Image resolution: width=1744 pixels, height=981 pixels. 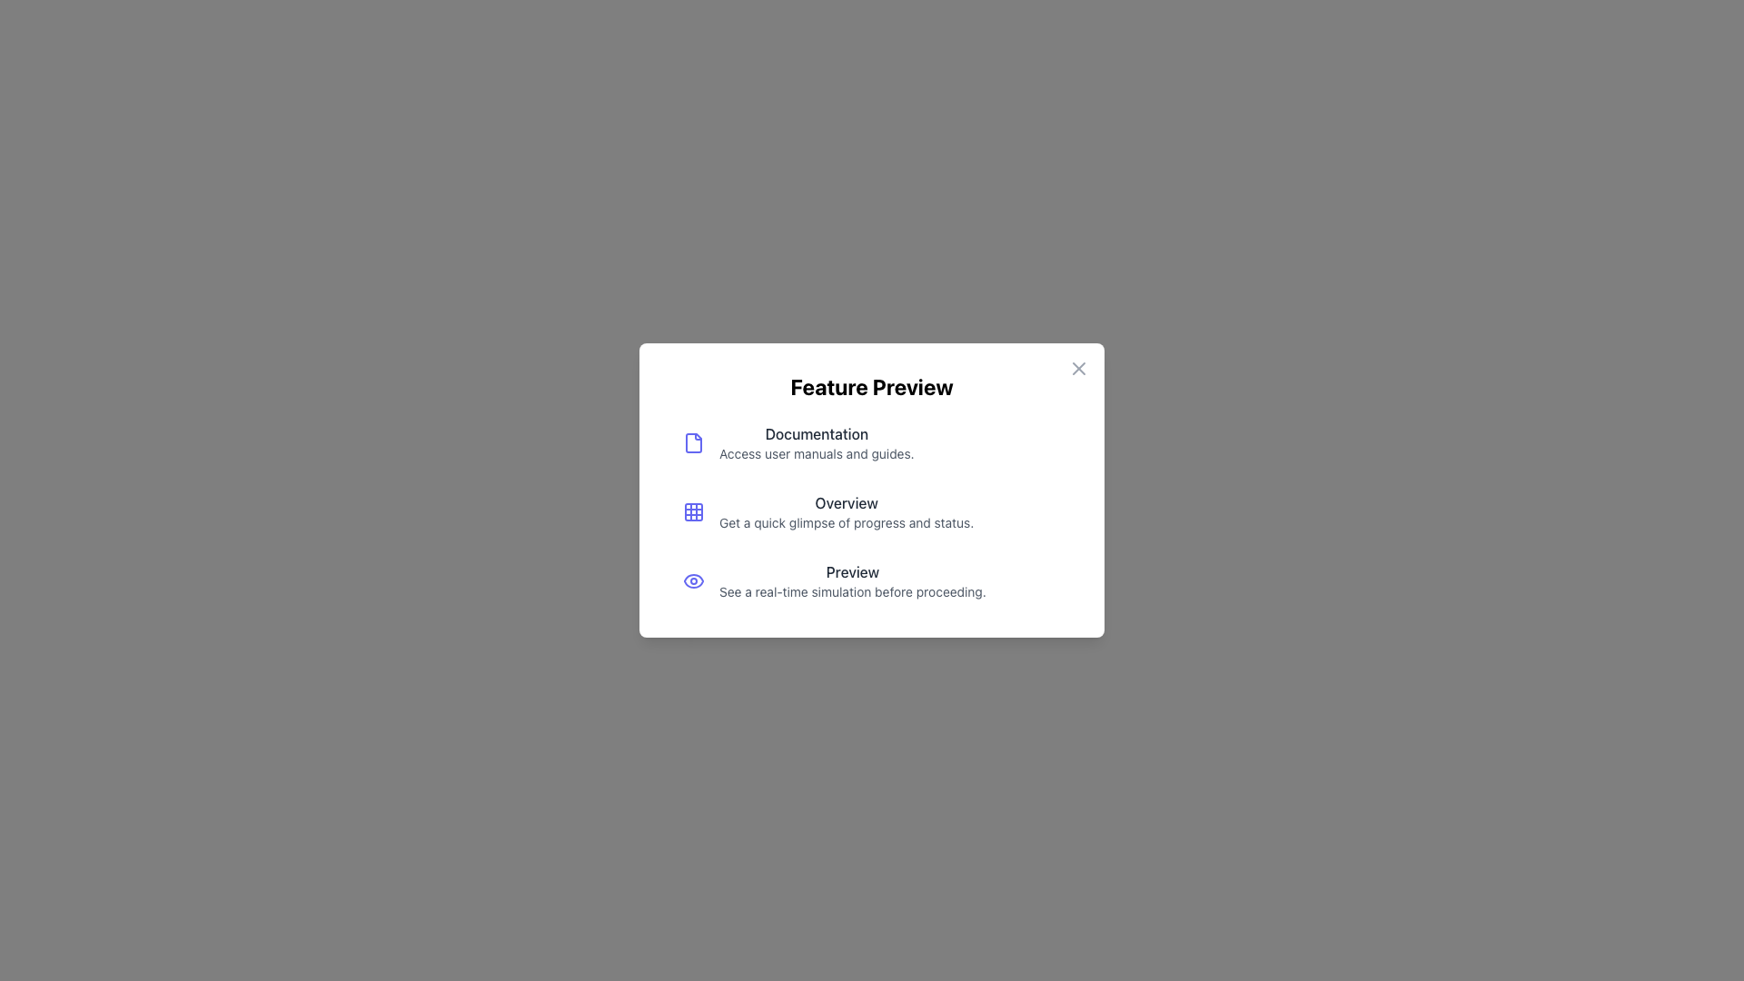 I want to click on the small purple and white stylized file icon located to the left of the text 'Documentation', which is the first part of a list within the dialog, so click(x=692, y=443).